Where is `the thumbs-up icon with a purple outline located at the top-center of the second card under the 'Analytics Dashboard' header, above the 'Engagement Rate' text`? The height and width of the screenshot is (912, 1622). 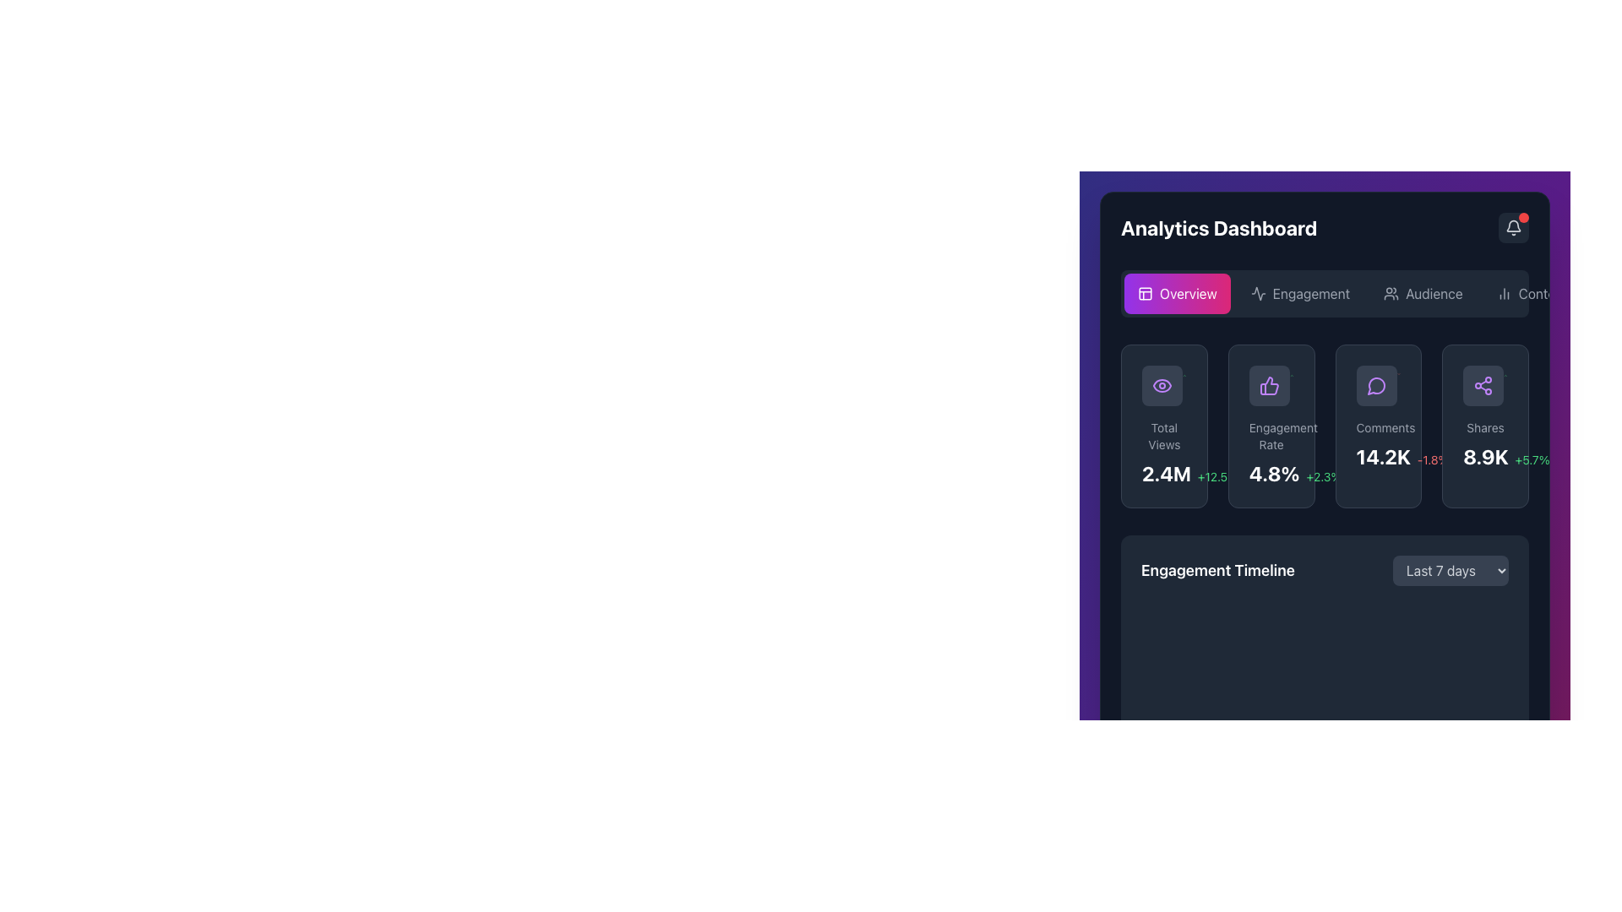
the thumbs-up icon with a purple outline located at the top-center of the second card under the 'Analytics Dashboard' header, above the 'Engagement Rate' text is located at coordinates (1271, 385).